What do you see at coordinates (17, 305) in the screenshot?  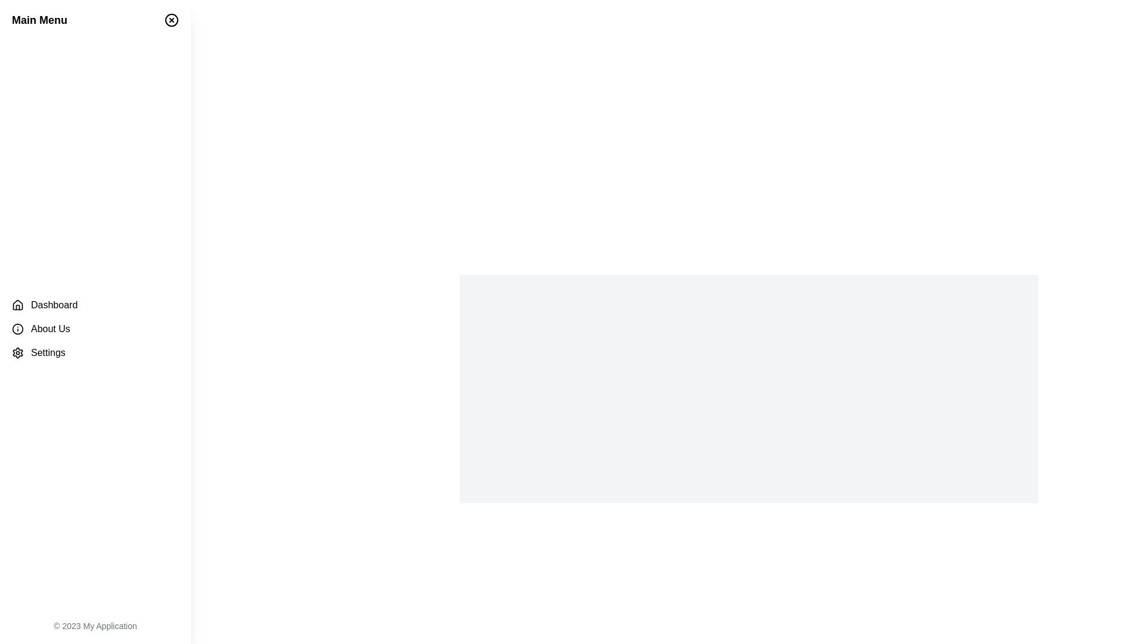 I see `the small house-shaped icon next to the text 'Dashboard' in the sidebar` at bounding box center [17, 305].